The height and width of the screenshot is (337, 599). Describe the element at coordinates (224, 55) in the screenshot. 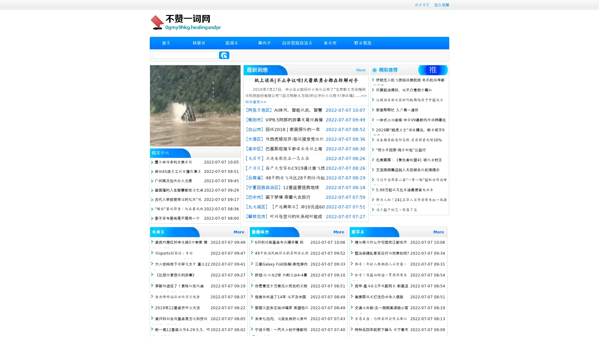

I see `Search` at that location.